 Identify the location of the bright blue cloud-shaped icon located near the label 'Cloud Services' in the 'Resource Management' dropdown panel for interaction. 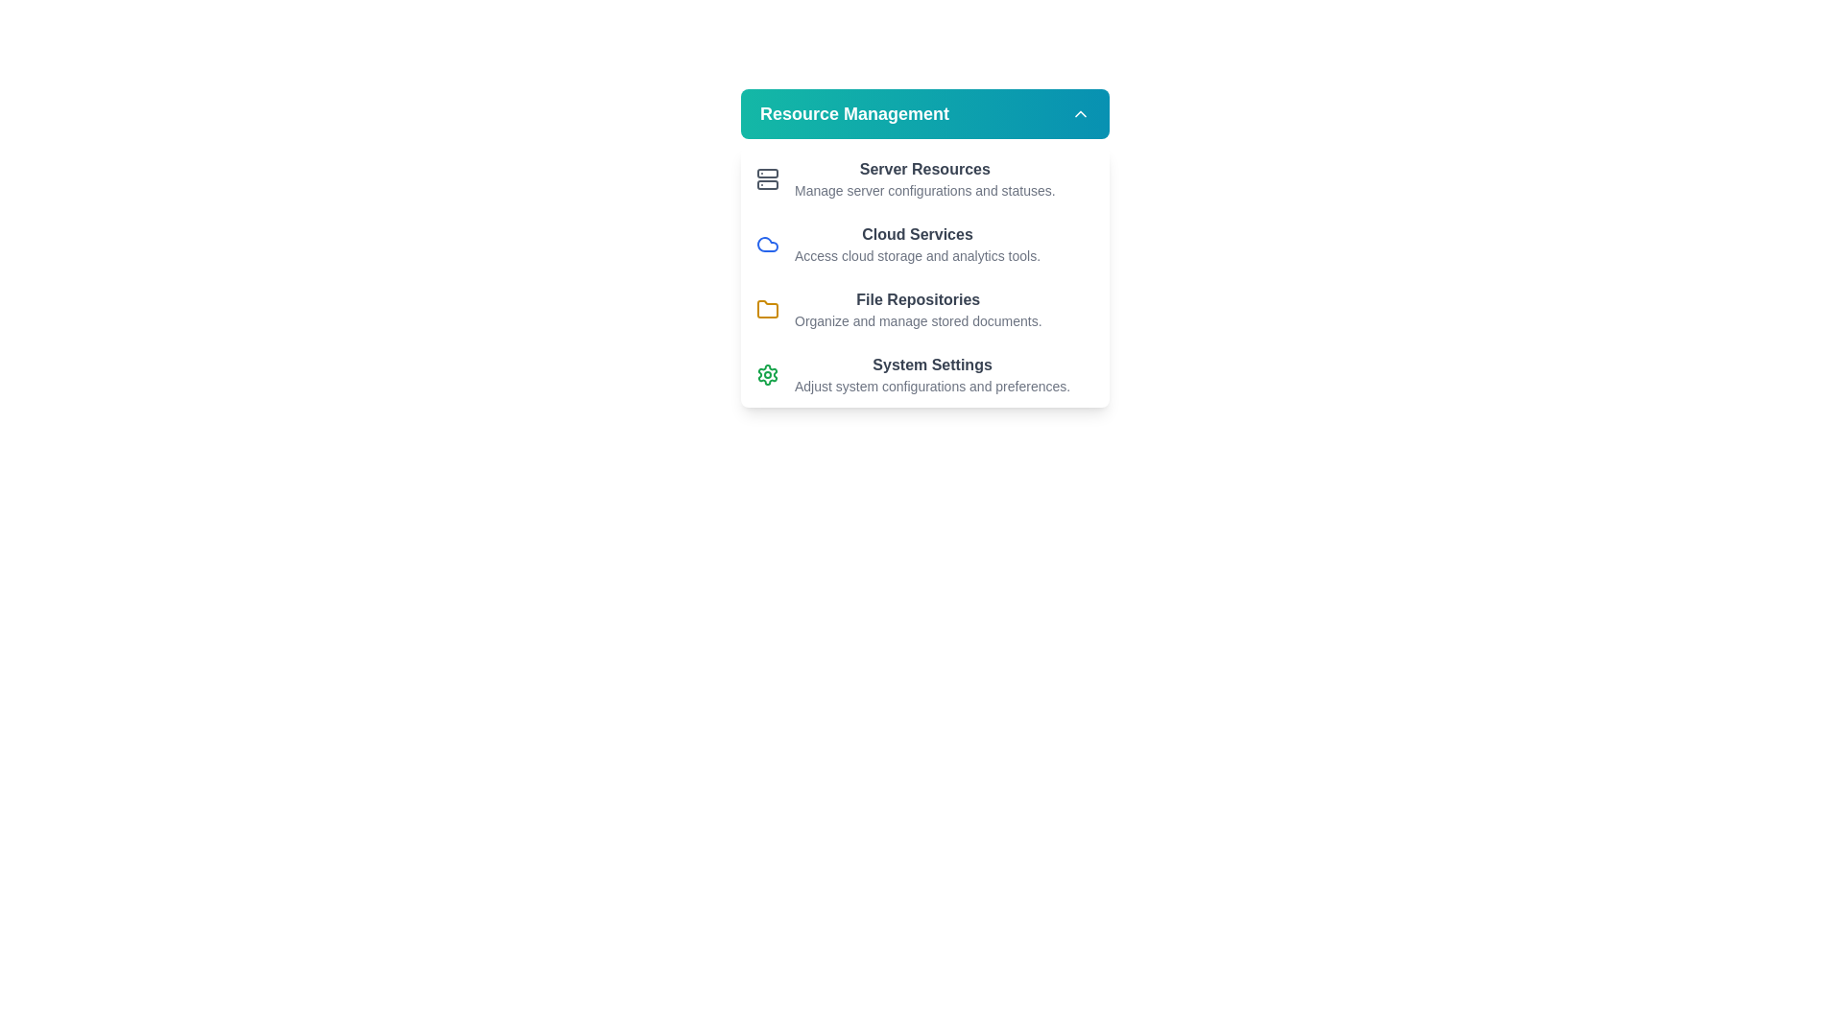
(768, 243).